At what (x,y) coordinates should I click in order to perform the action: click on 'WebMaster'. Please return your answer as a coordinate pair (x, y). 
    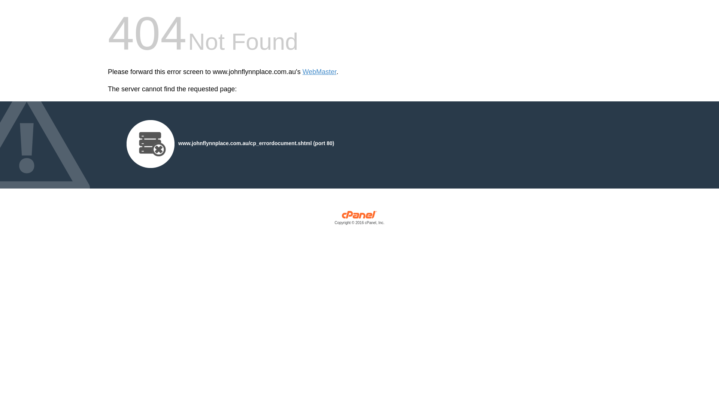
    Looking at the image, I should click on (319, 72).